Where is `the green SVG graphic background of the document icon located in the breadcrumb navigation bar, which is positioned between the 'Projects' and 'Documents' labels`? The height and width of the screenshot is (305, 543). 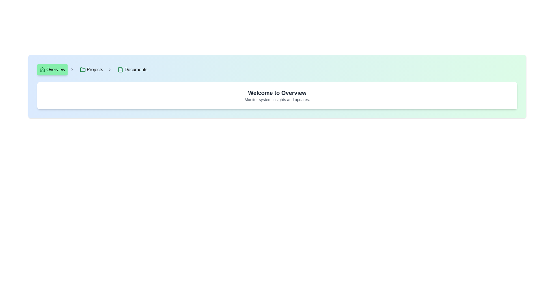
the green SVG graphic background of the document icon located in the breadcrumb navigation bar, which is positioned between the 'Projects' and 'Documents' labels is located at coordinates (120, 69).